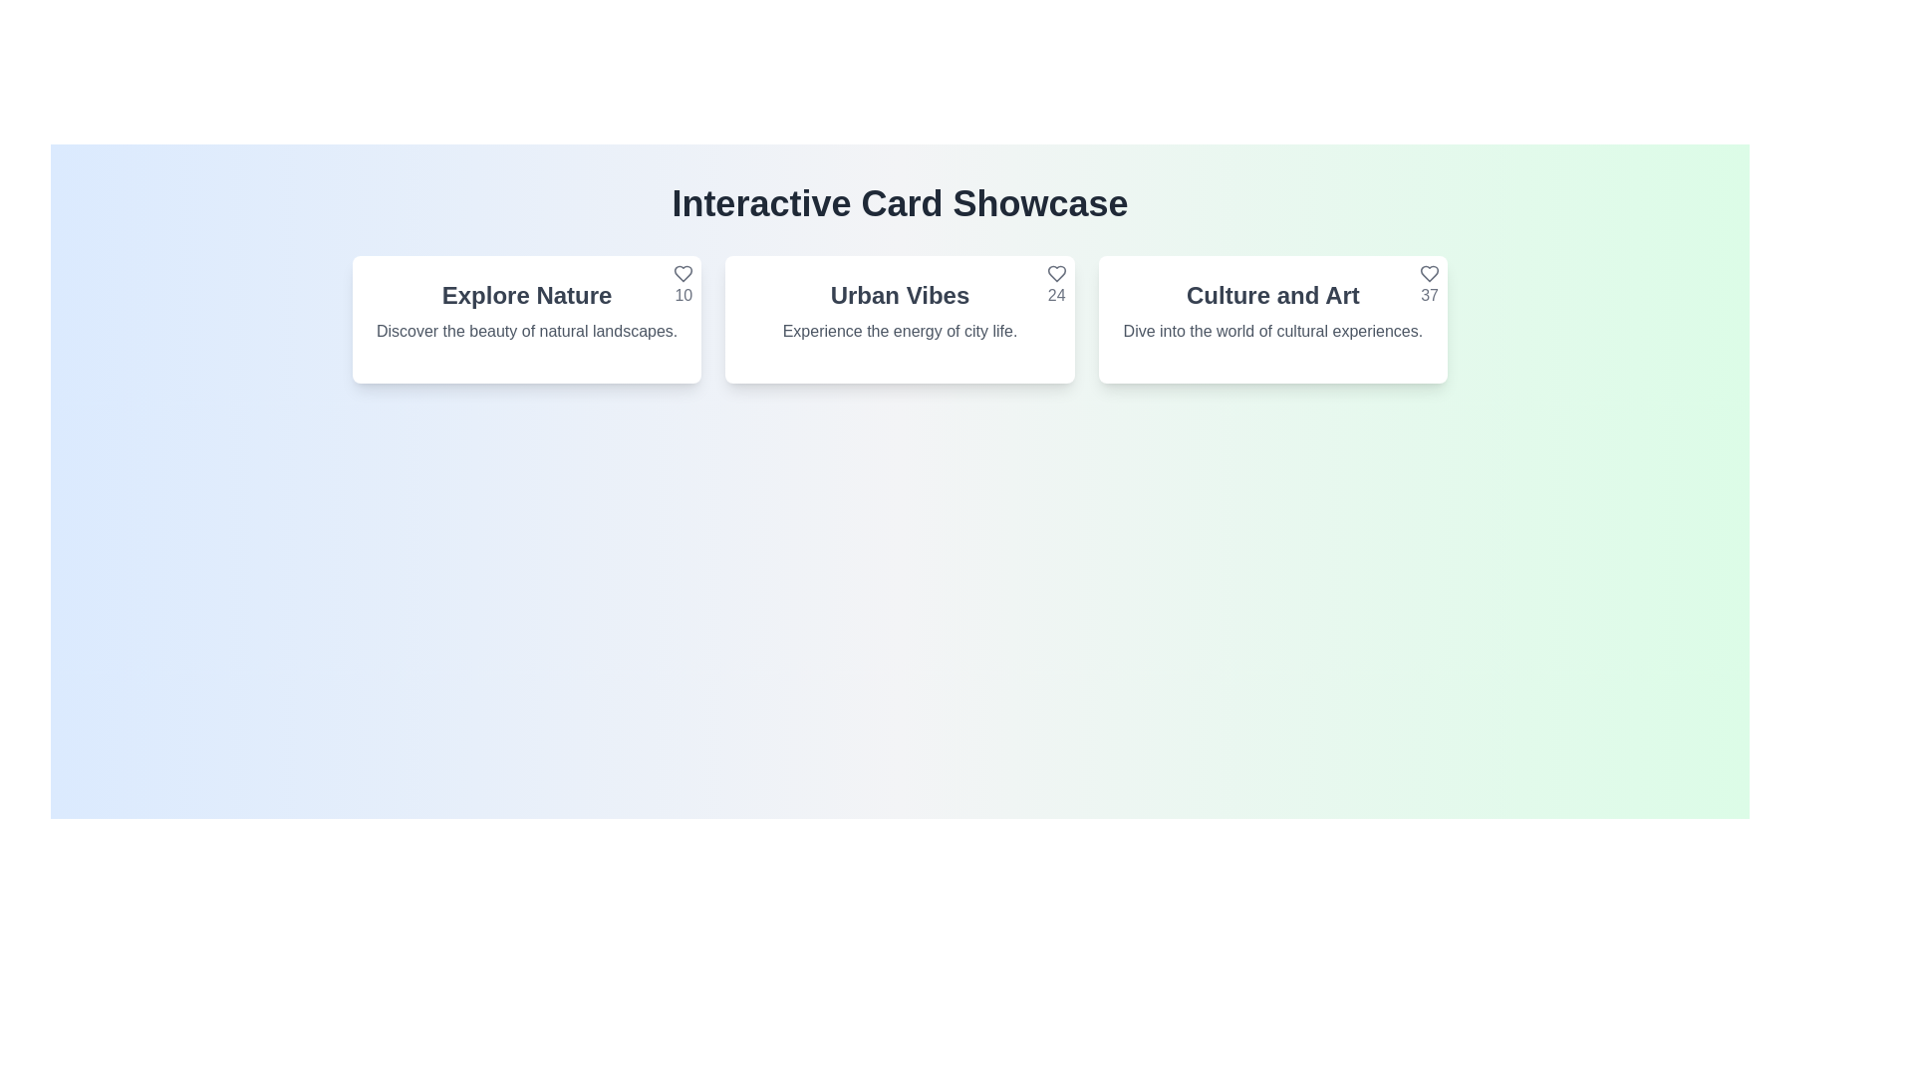 Image resolution: width=1913 pixels, height=1076 pixels. Describe the element at coordinates (1429, 285) in the screenshot. I see `the heart icon with the numeric text '37' located in the top-right corner of the 'Culture and Art' card` at that location.